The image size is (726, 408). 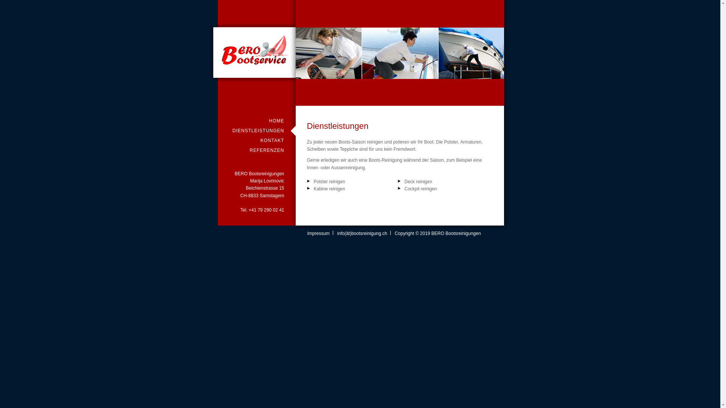 I want to click on 'REFERENZEN', so click(x=256, y=150).